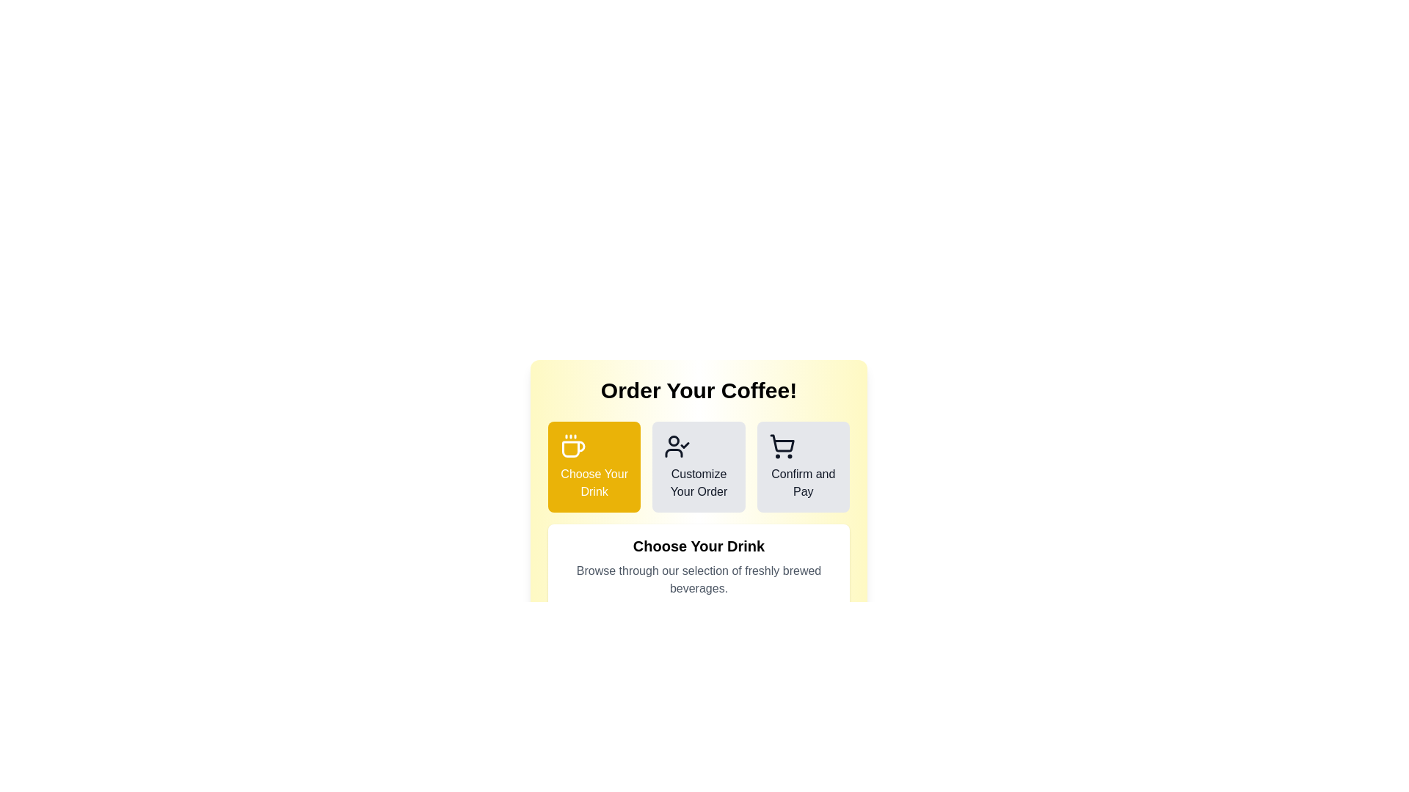  What do you see at coordinates (594, 466) in the screenshot?
I see `the step titled Choose Your Drink to navigate to that step` at bounding box center [594, 466].